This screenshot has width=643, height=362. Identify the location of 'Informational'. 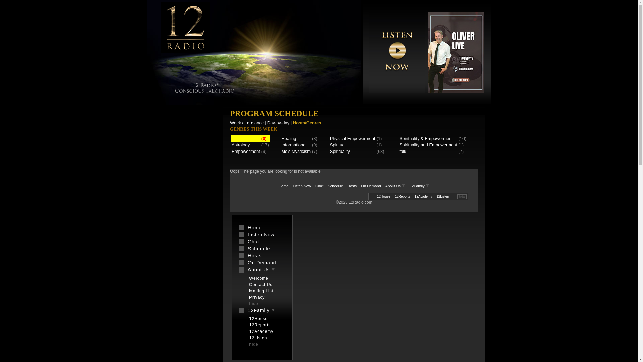
(281, 144).